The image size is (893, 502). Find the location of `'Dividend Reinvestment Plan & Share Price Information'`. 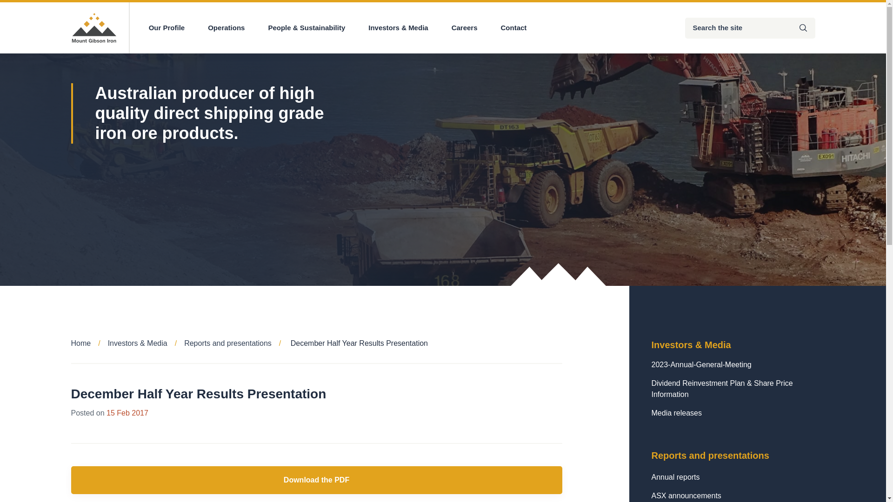

'Dividend Reinvestment Plan & Share Price Information' is located at coordinates (732, 389).